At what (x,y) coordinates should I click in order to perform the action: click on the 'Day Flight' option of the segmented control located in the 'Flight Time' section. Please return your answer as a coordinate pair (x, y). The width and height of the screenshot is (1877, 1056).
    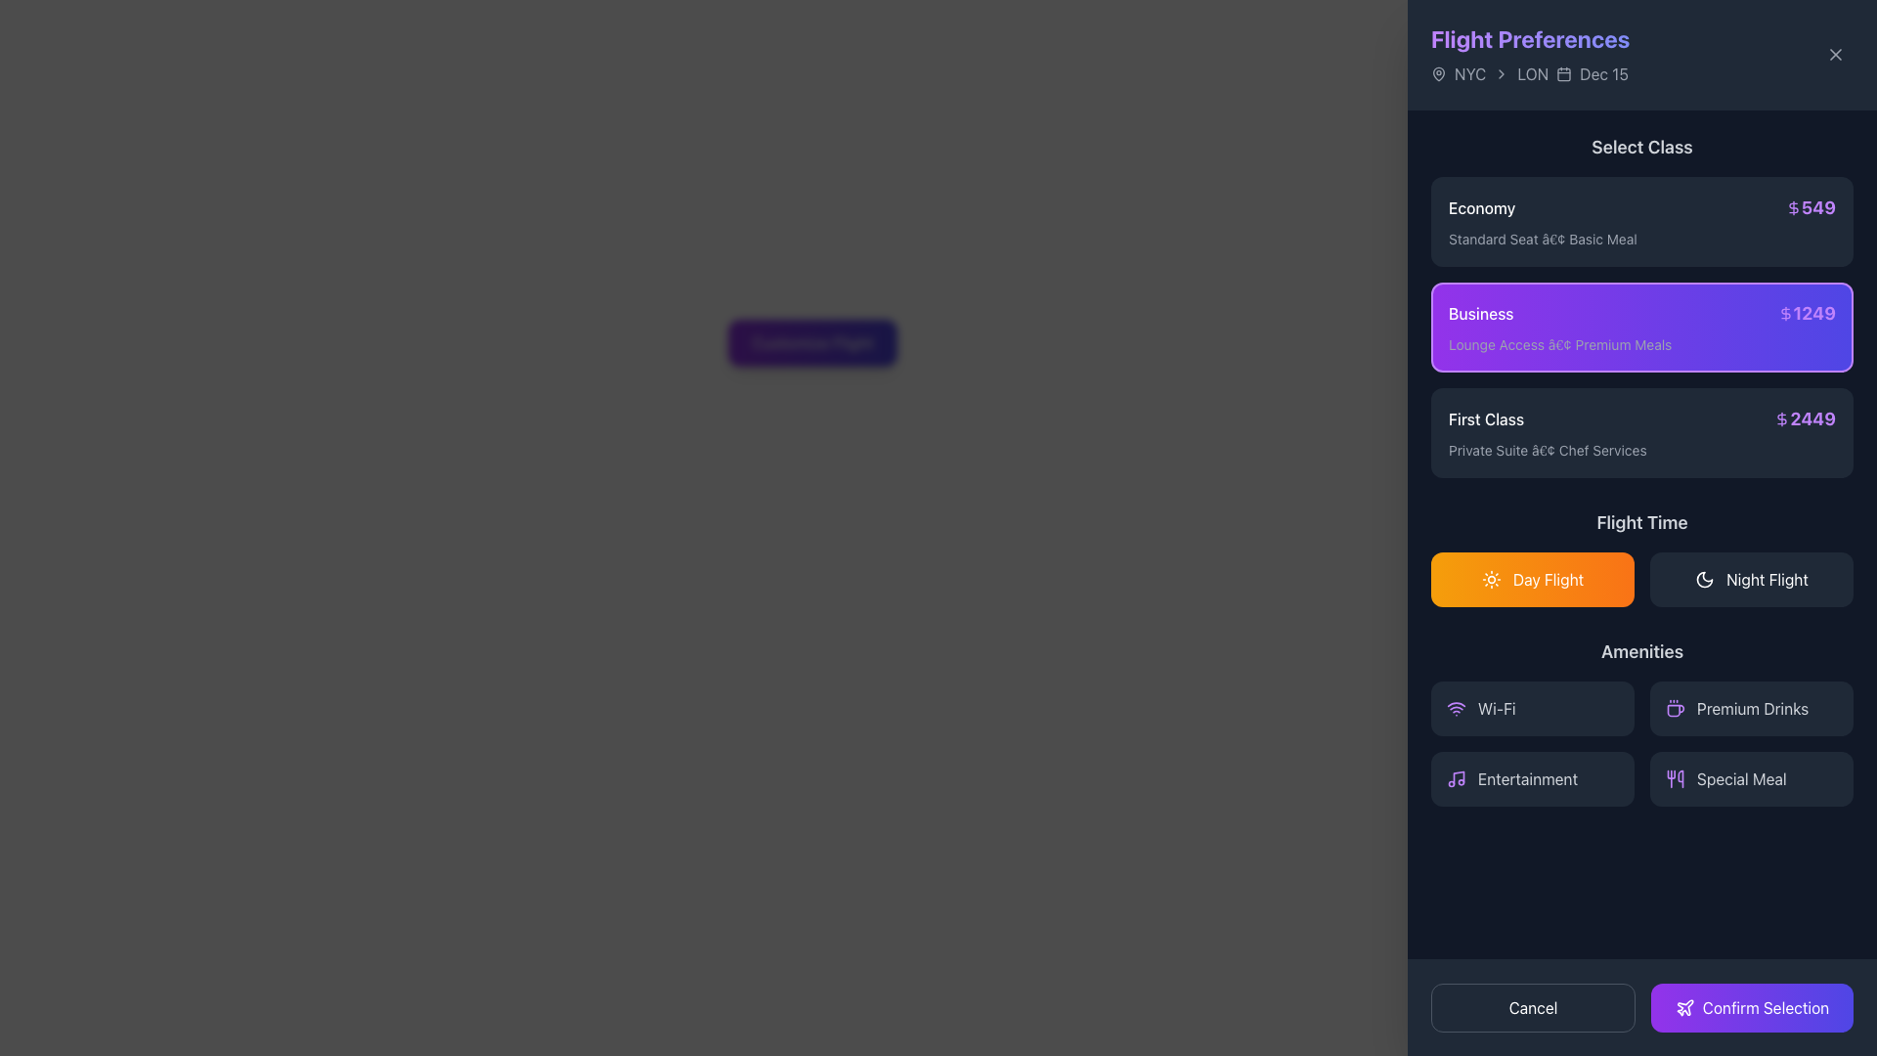
    Looking at the image, I should click on (1642, 579).